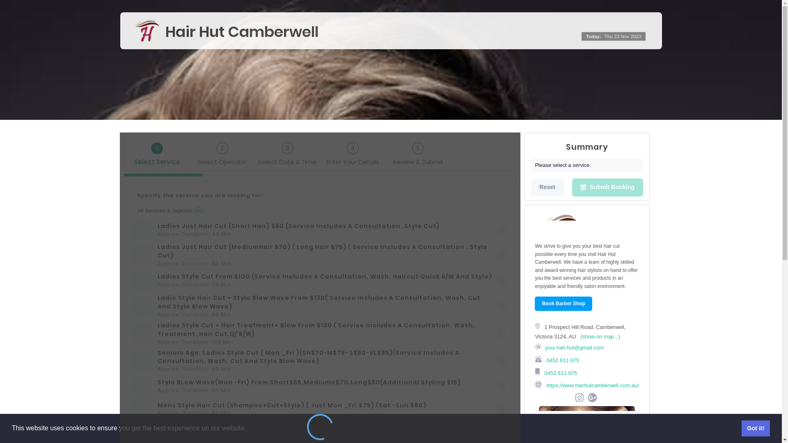 The height and width of the screenshot is (443, 788). Describe the element at coordinates (755, 428) in the screenshot. I see `'Got it!'` at that location.